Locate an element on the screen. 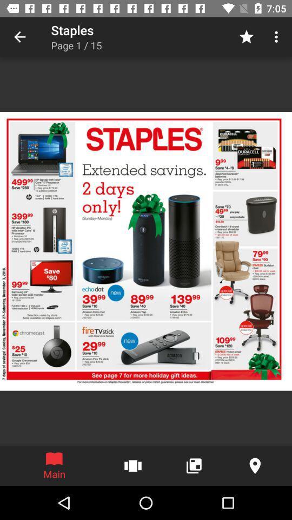  the icon next to the staples item is located at coordinates (19, 37).